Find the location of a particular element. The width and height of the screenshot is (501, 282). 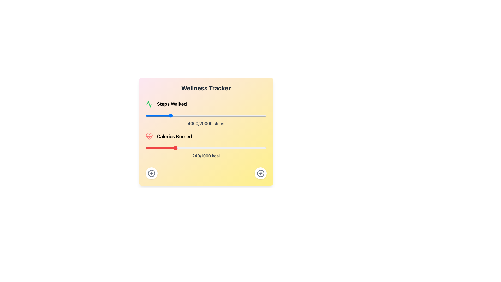

the navigational button icon located at the bottom-right corner of the interface is located at coordinates (151, 173).